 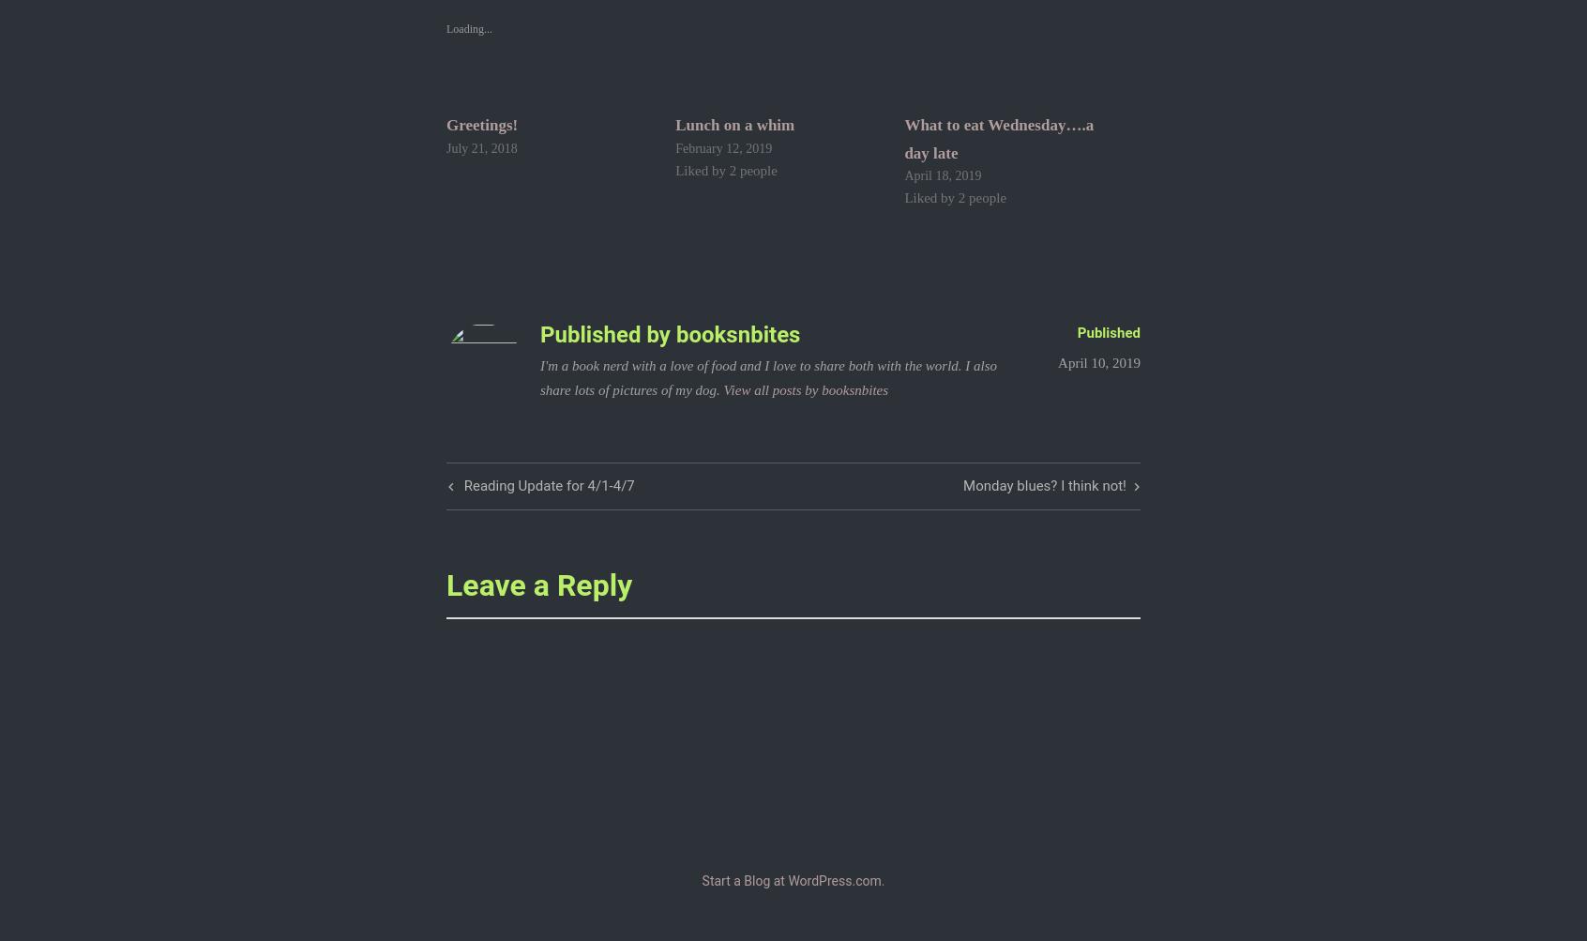 I want to click on 'Start a Blog at WordPress.com', so click(x=791, y=880).